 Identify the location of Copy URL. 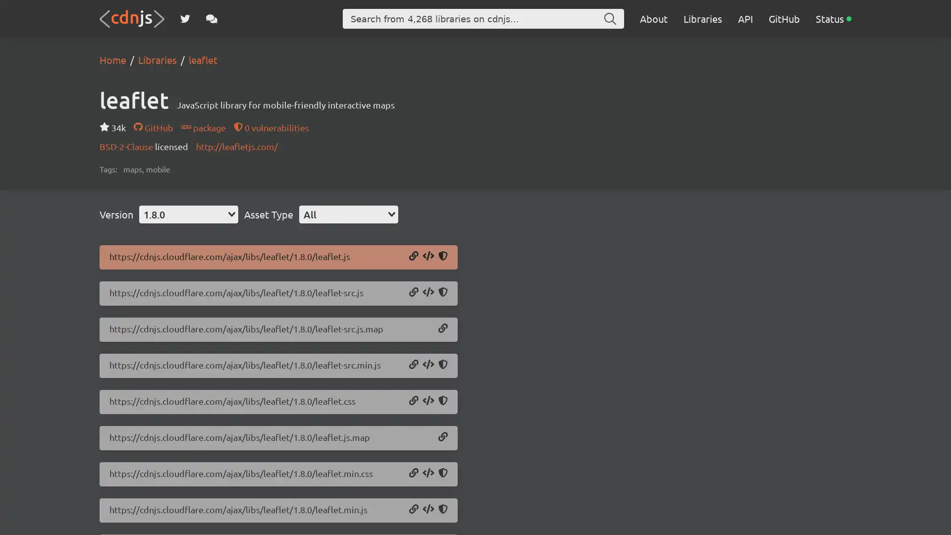
(414, 292).